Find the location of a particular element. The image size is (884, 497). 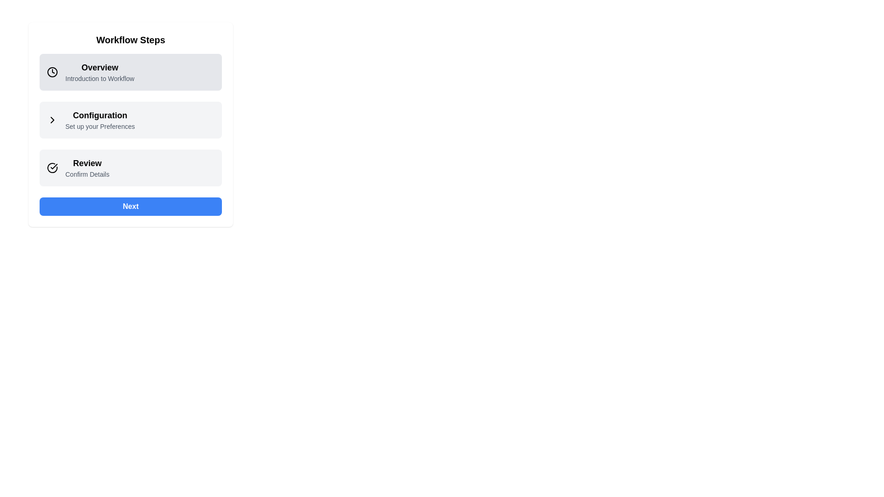

the bold text label 'Review' which is prominently displayed in the 'Workflow Steps' section, located above the gray description text 'Confirm Details' and adjacent to a checkmark icon is located at coordinates (87, 162).